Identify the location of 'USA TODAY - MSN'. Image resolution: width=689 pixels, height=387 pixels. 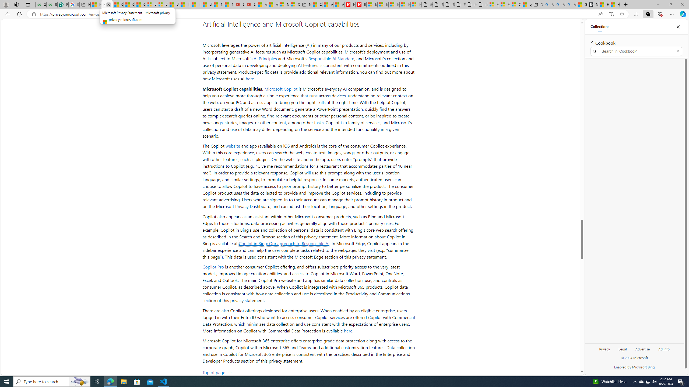
(173, 4).